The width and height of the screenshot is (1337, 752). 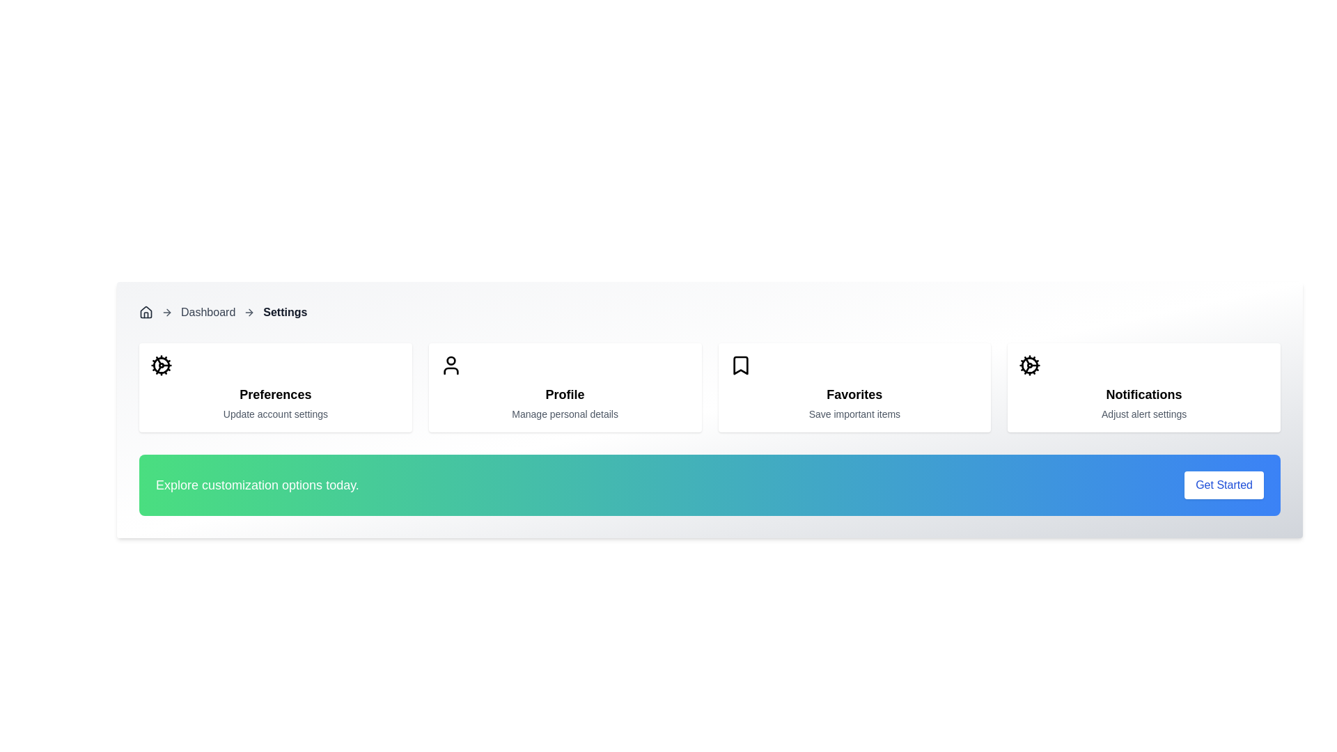 What do you see at coordinates (451, 360) in the screenshot?
I see `the circular part of the SVG icon representing the user or profile area located in the second column of the central row of the layout within the 'Profile' card` at bounding box center [451, 360].